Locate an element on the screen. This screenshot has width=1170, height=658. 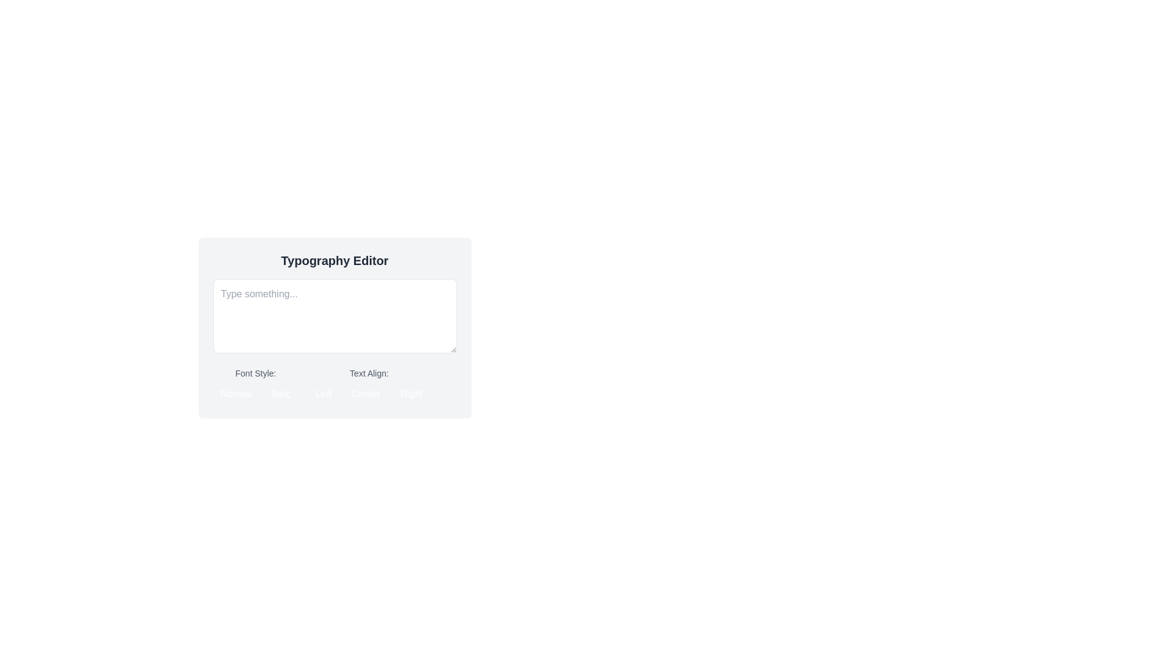
the toggle-style button group containing 'Normal' and 'Italic' buttons located in the 'Font Style:' section to trigger tooltips or styling effects is located at coordinates (255, 394).